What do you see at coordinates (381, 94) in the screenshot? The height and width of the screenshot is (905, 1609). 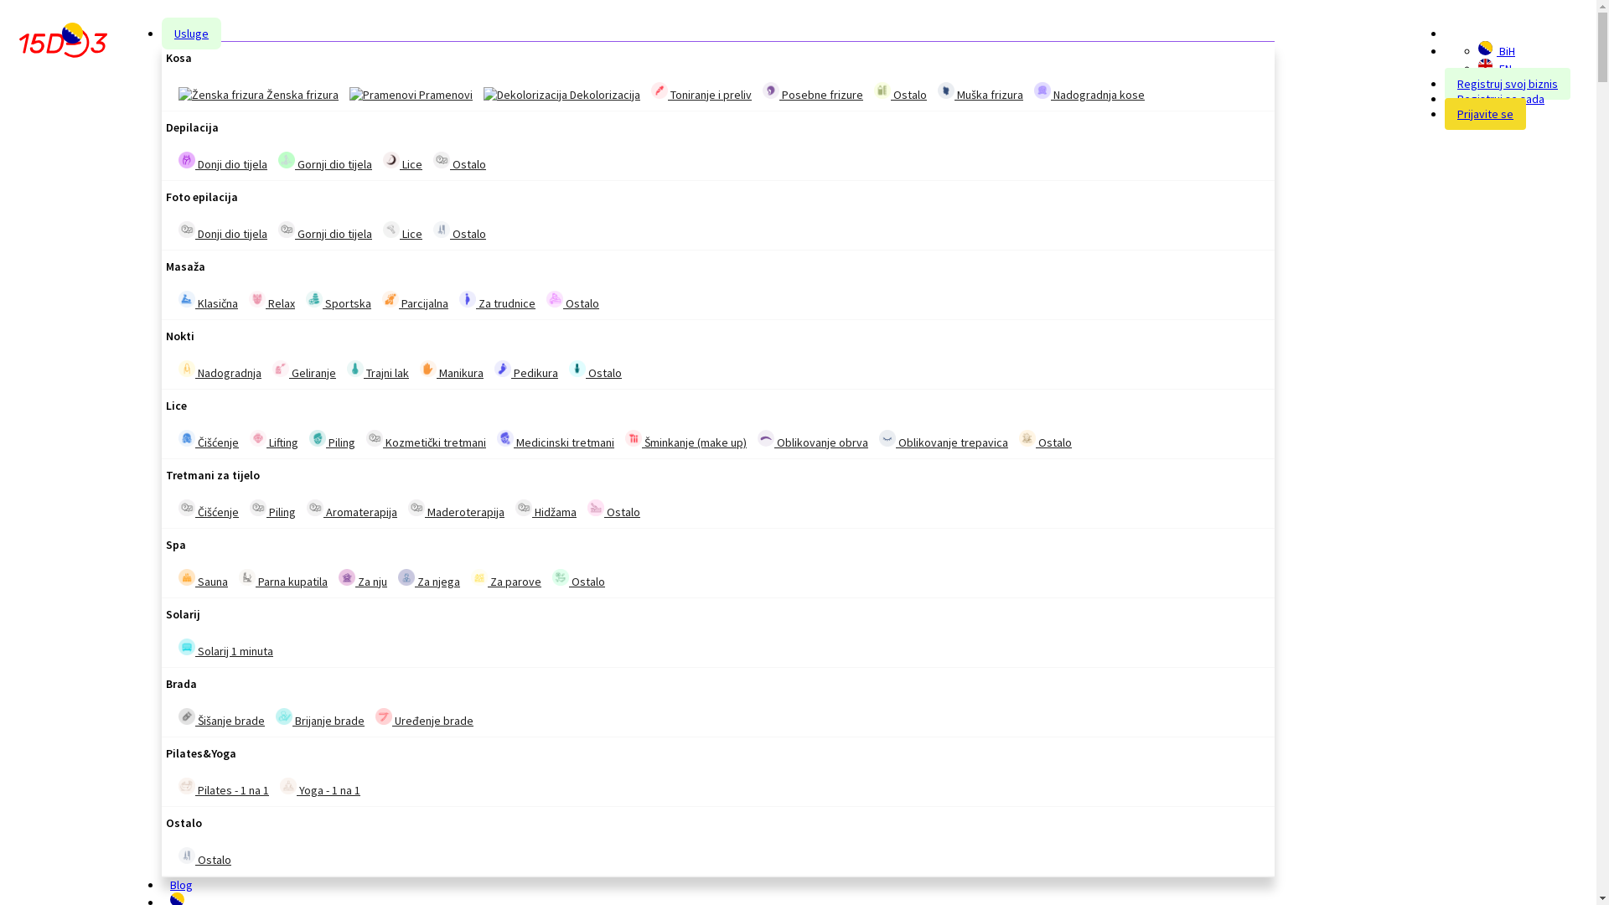 I see `'Pramenovi'` at bounding box center [381, 94].